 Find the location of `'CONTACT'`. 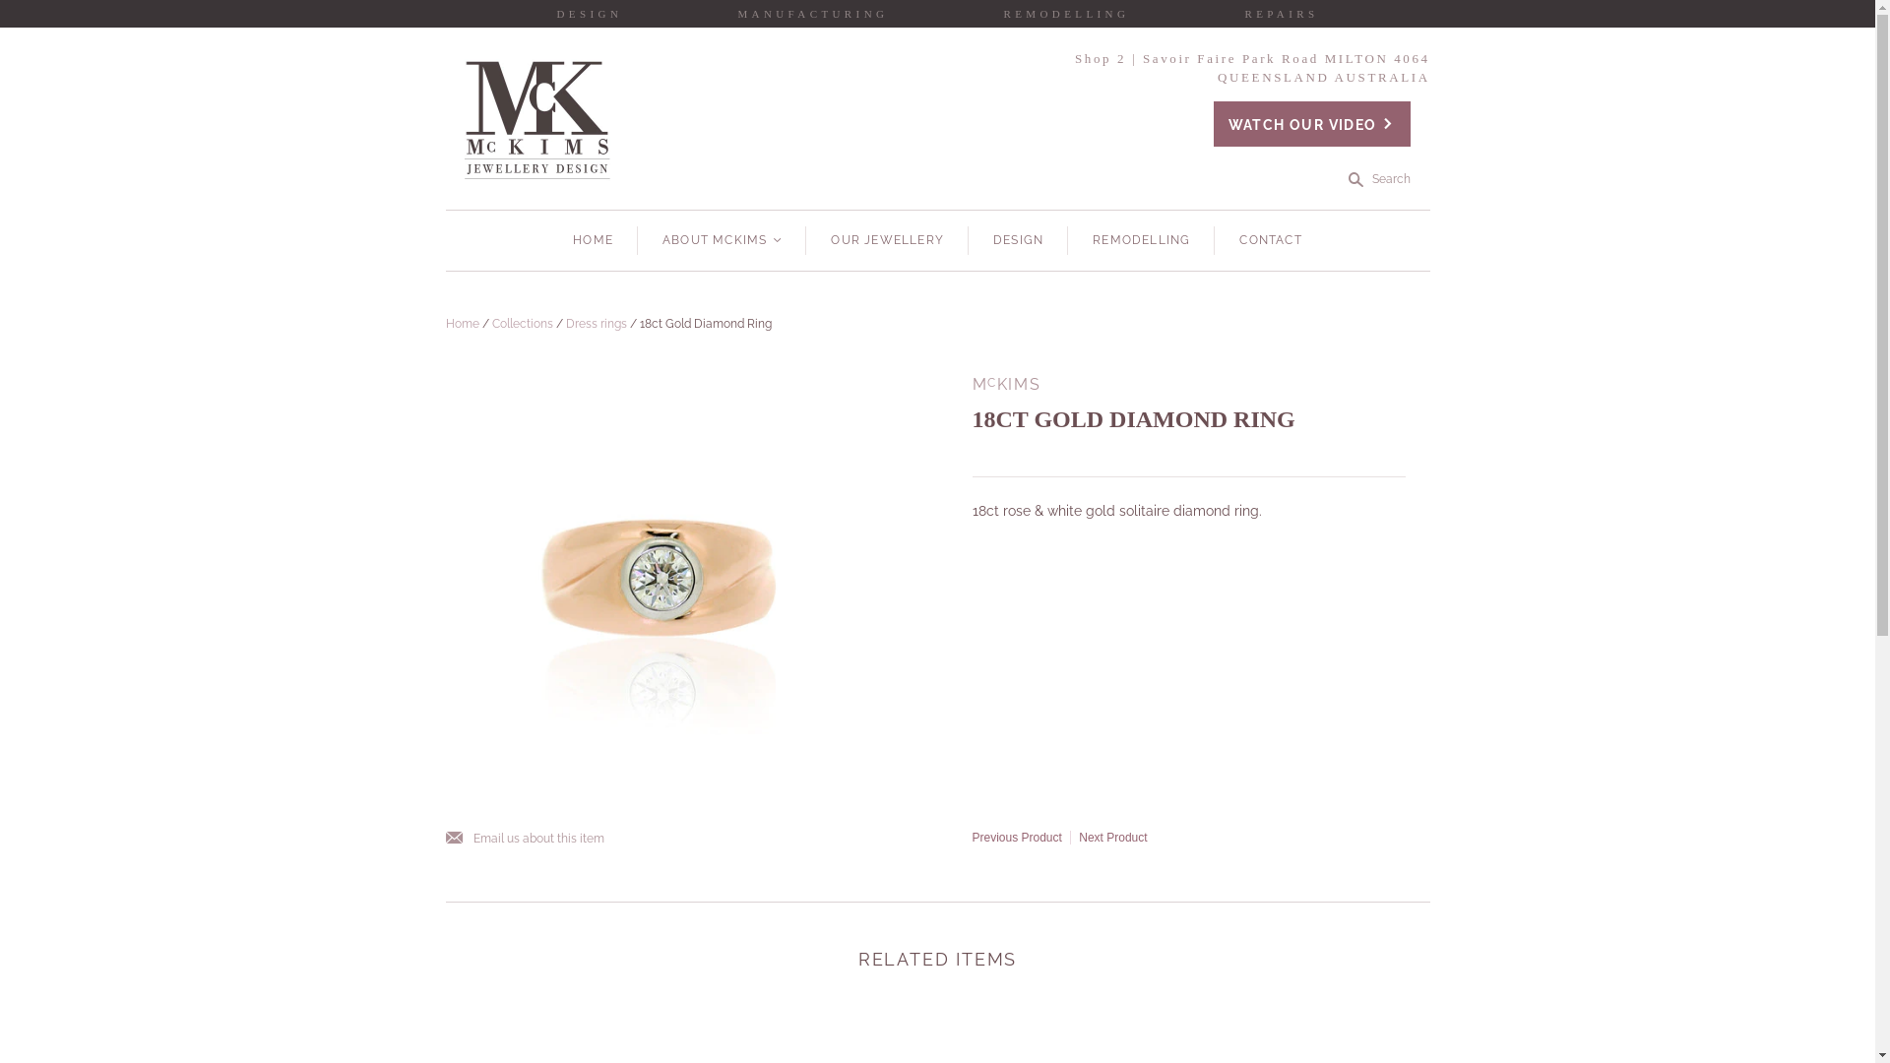

'CONTACT' is located at coordinates (1270, 239).